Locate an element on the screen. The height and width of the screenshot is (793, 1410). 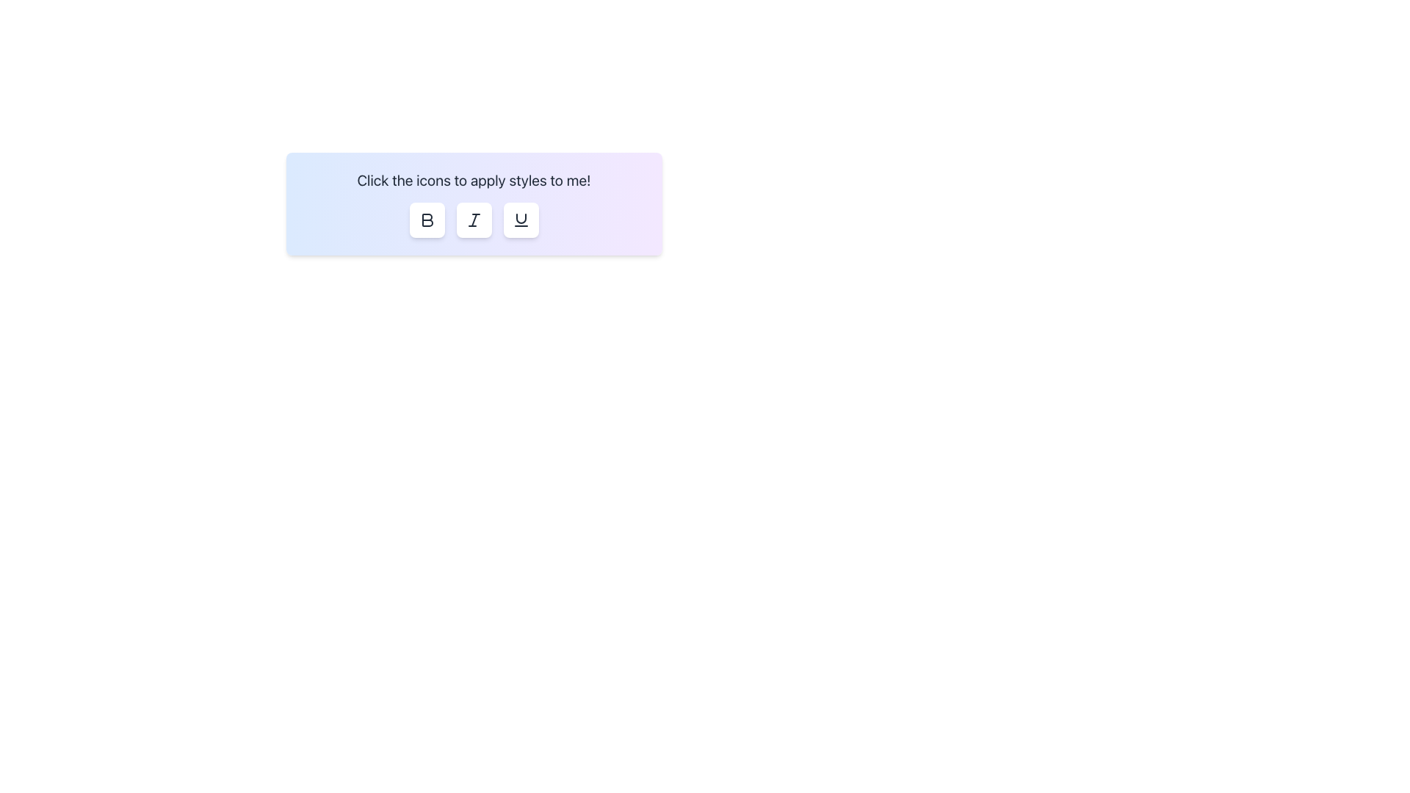
the underline icon element, which is part of an SVG component located between an italicized 'I' icon and a button labeled 'U' is located at coordinates (521, 218).